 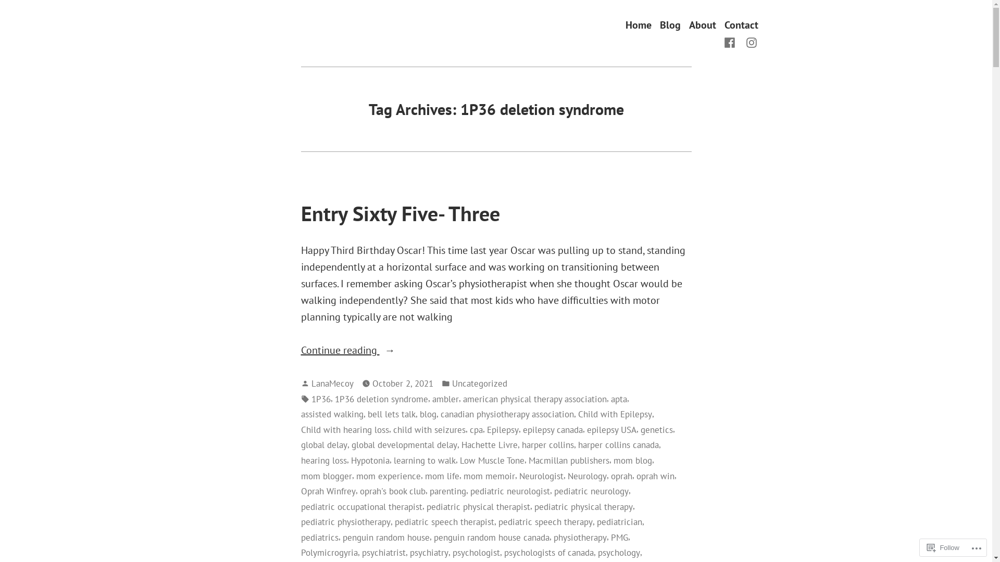 I want to click on 'pediatric speech therapy', so click(x=544, y=521).